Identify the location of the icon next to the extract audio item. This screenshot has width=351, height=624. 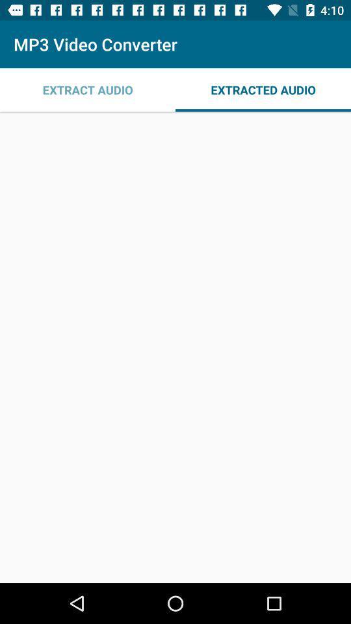
(263, 89).